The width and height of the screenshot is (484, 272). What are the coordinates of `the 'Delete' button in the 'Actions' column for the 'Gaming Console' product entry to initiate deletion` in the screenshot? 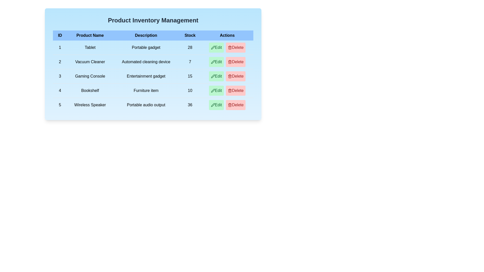 It's located at (227, 76).